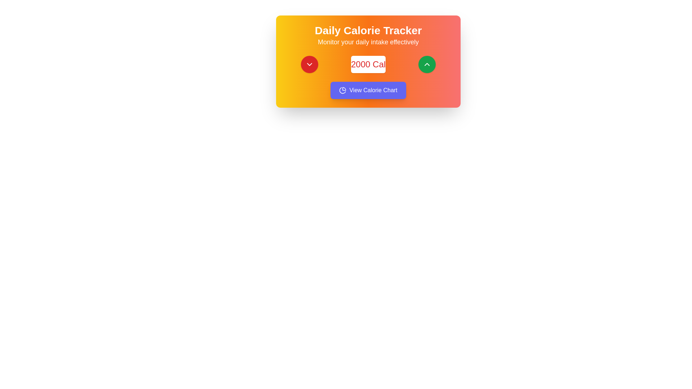  Describe the element at coordinates (427, 64) in the screenshot. I see `the Chevron icon within the green circular button on the right side of the 'Daily Calorie Tracker' card` at that location.